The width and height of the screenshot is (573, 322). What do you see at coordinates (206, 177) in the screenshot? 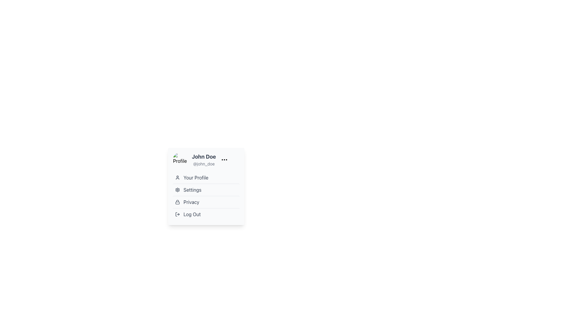
I see `the interactive text item with an icon that serves as the first option in the vertical list of menu items` at bounding box center [206, 177].